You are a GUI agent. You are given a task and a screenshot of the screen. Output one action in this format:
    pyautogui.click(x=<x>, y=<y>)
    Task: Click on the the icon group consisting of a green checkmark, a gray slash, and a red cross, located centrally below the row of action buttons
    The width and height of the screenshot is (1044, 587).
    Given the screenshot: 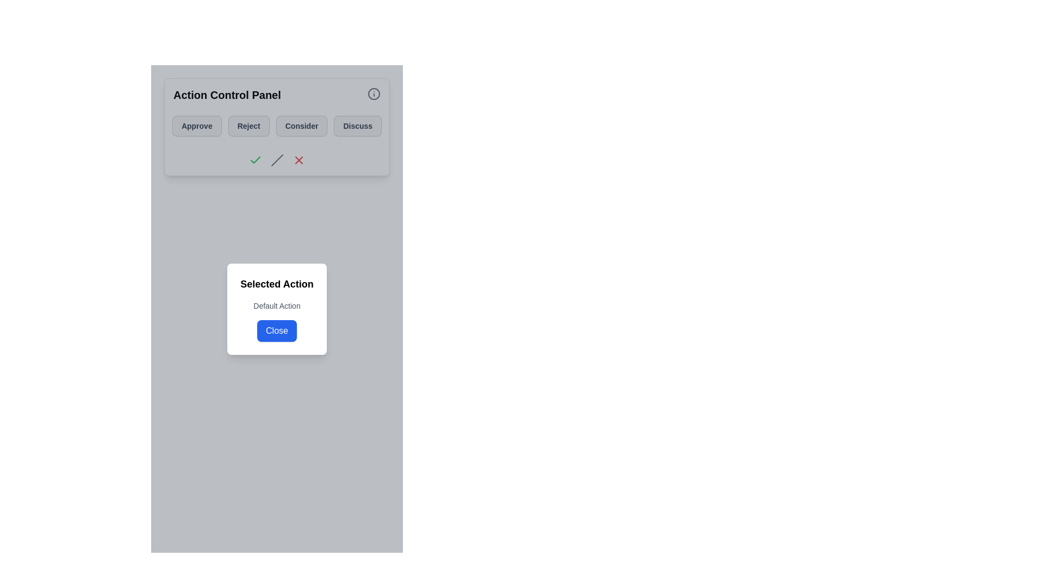 What is the action you would take?
    pyautogui.click(x=277, y=160)
    